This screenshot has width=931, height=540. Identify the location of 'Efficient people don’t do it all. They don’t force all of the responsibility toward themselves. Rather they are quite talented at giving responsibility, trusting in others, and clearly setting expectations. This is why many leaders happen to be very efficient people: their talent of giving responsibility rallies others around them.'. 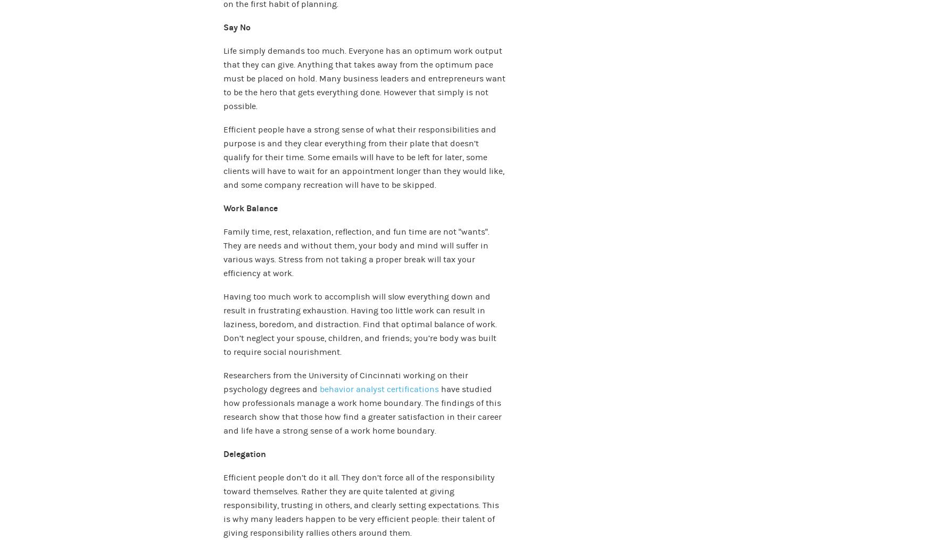
(361, 505).